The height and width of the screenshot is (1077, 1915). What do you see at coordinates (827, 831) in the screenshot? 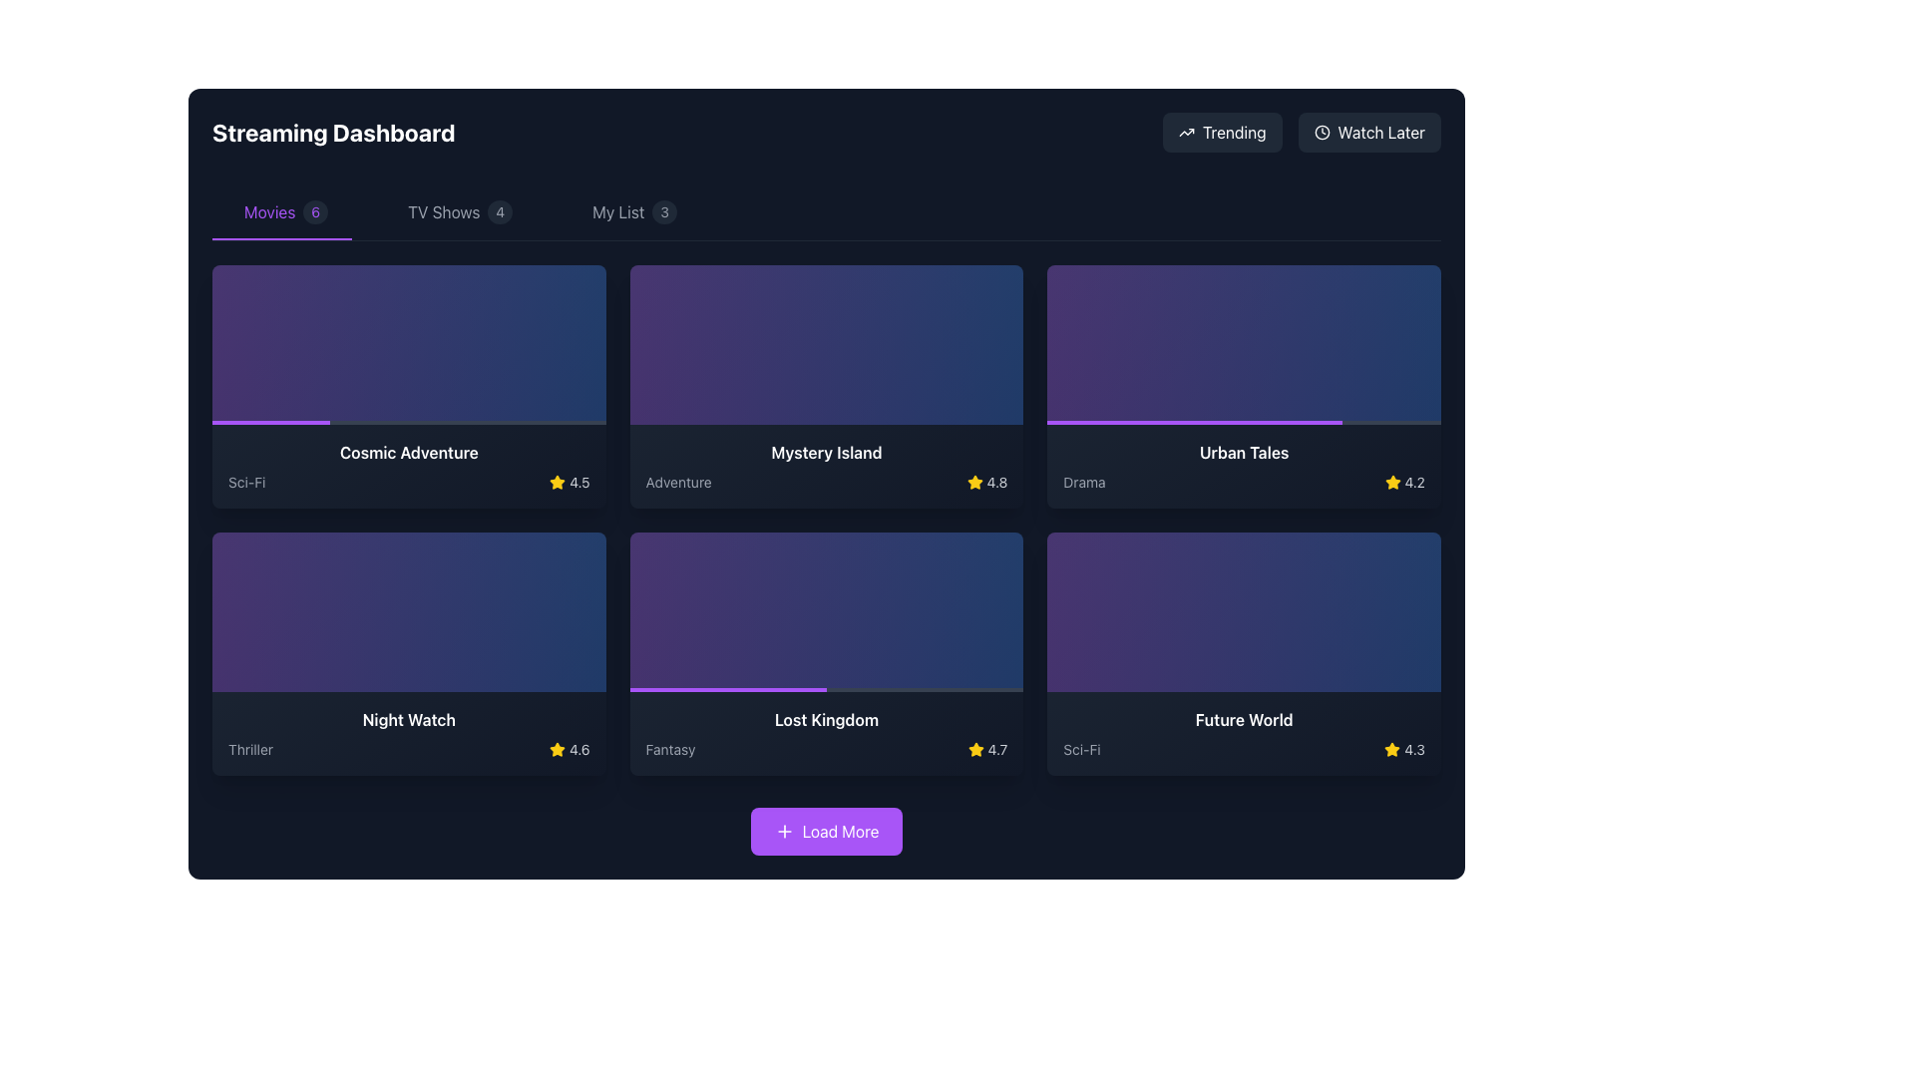
I see `the button located at the bottom section of the page, which triggers the loading of more content for movies or shows` at bounding box center [827, 831].